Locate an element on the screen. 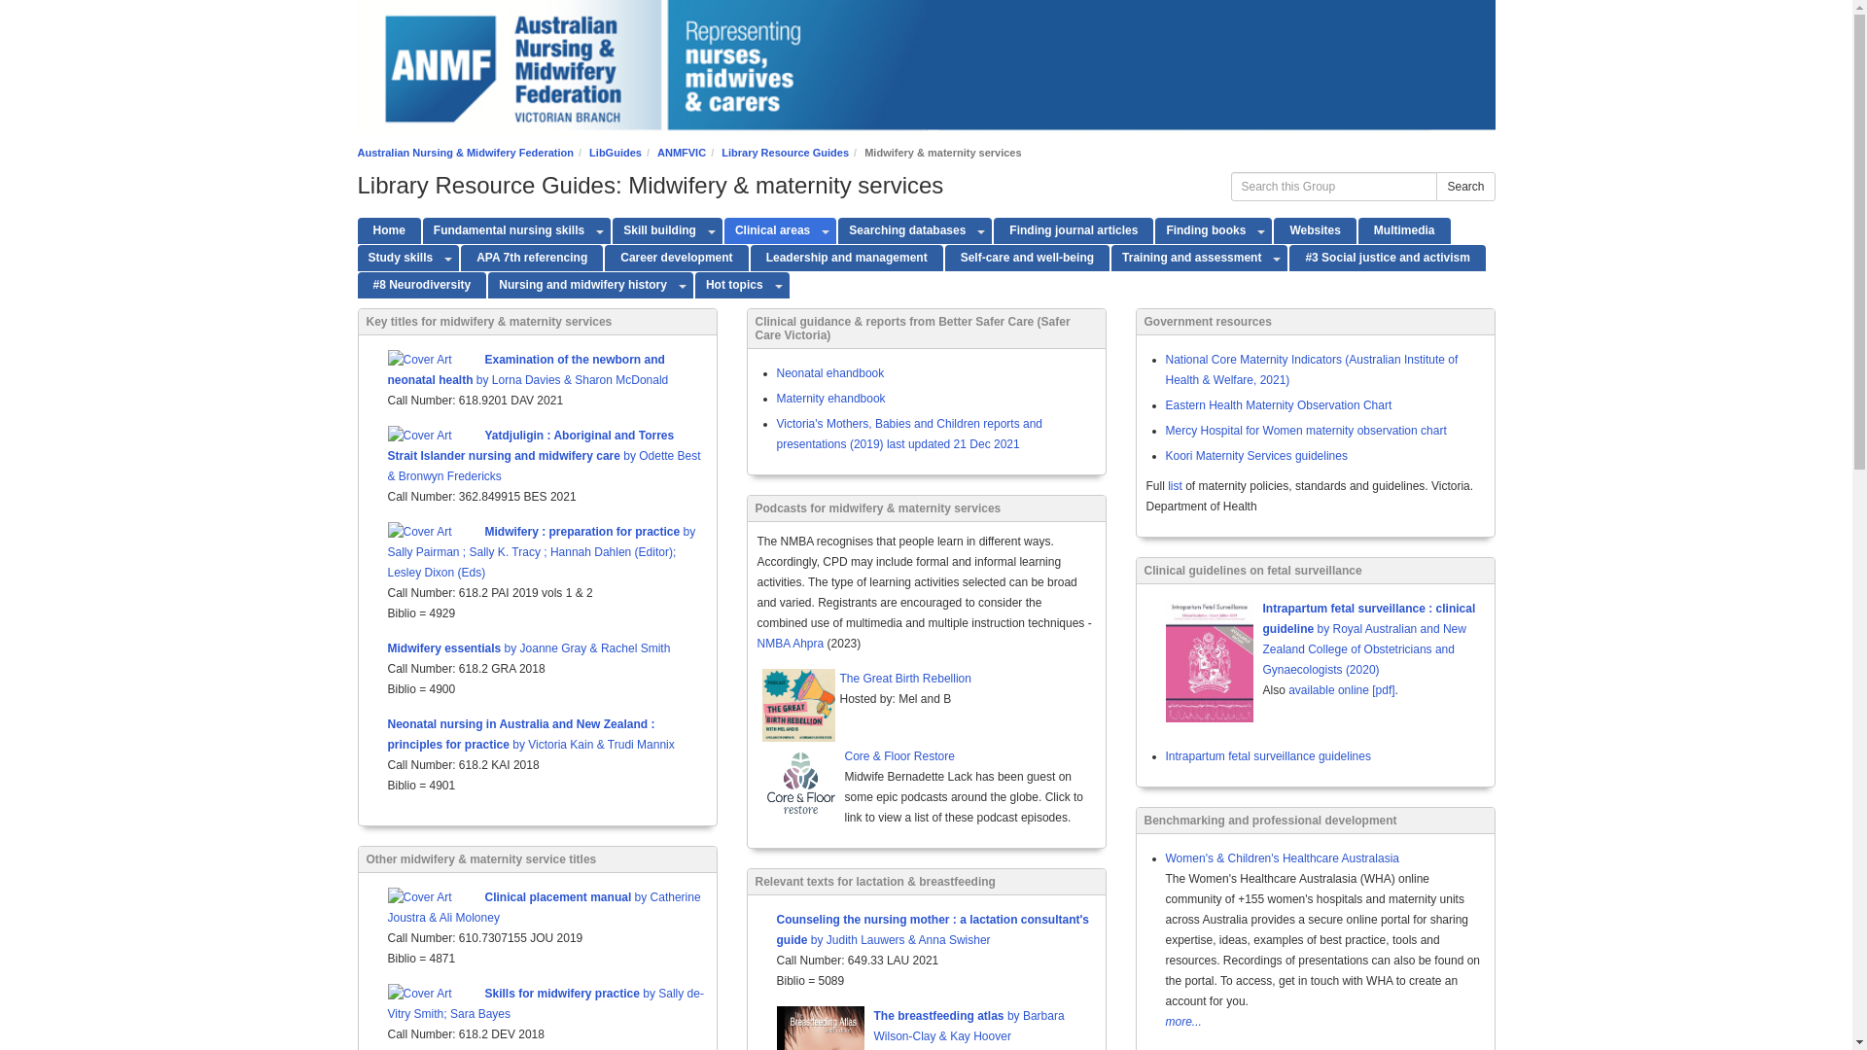 The image size is (1867, 1050). 'Mercy Hospital for Women maternity observation chart' is located at coordinates (1305, 430).